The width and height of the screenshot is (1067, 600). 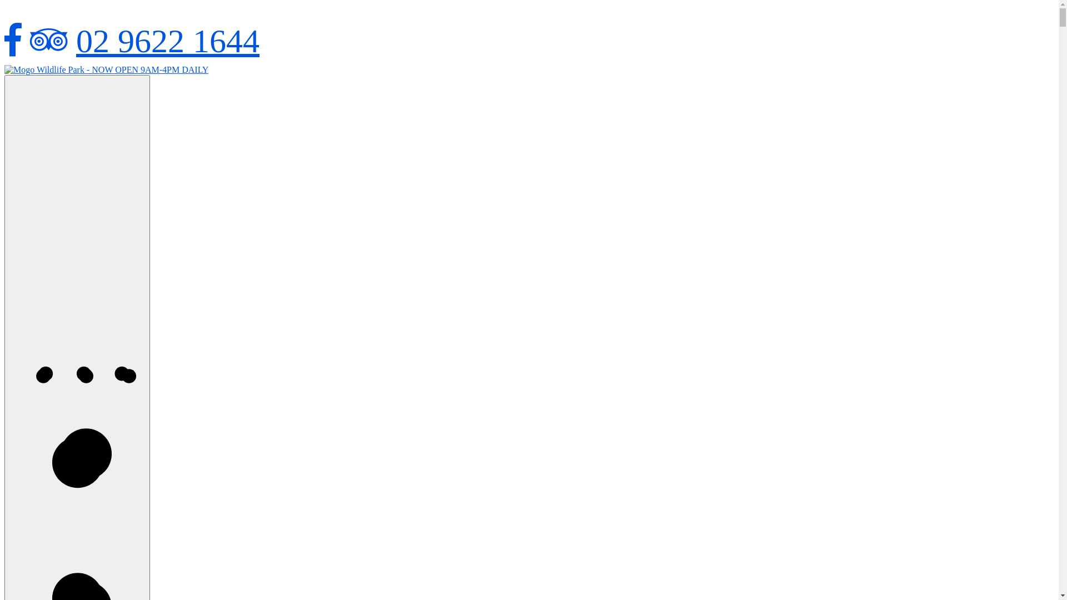 I want to click on '02 9622 1644', so click(x=167, y=40).